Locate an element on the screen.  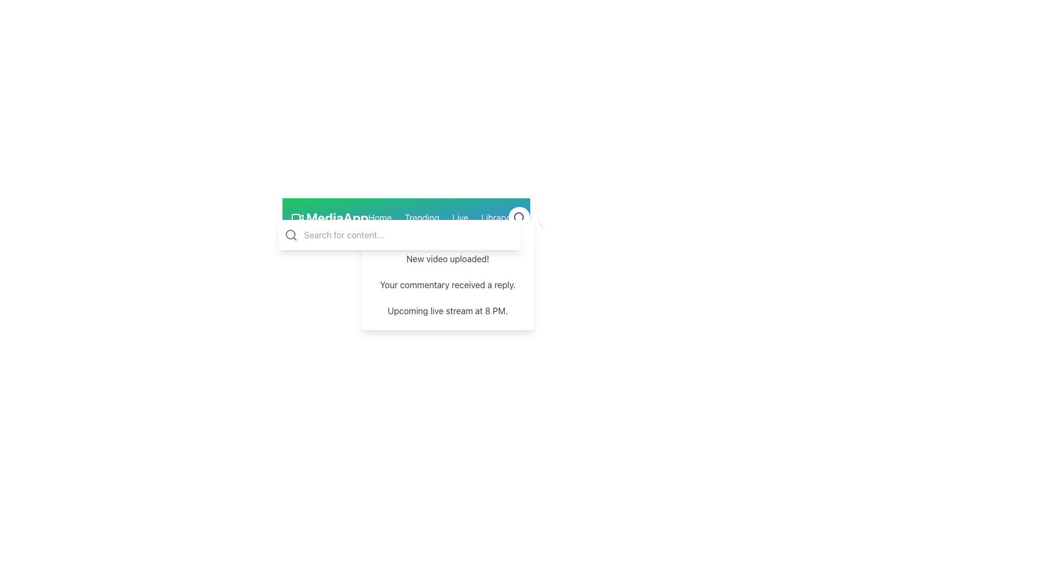
the circular search button with a magnifying glass symbol located on the right side of the header bar is located at coordinates (519, 217).